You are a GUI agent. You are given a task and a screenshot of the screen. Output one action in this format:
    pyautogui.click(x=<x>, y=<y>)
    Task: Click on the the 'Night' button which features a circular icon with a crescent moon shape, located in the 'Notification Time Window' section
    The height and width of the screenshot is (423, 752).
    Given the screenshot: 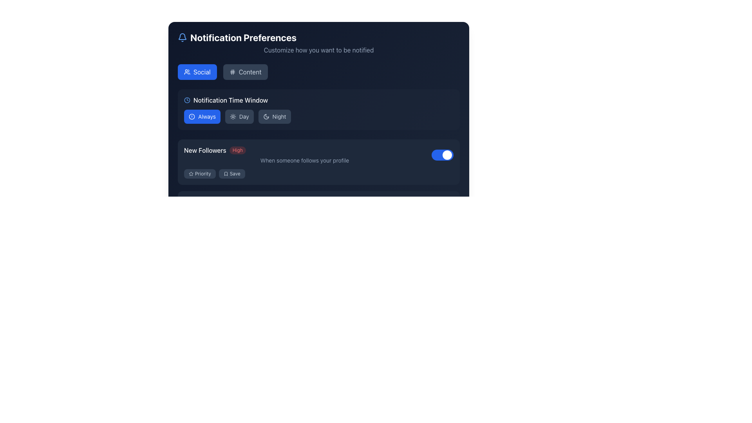 What is the action you would take?
    pyautogui.click(x=266, y=116)
    